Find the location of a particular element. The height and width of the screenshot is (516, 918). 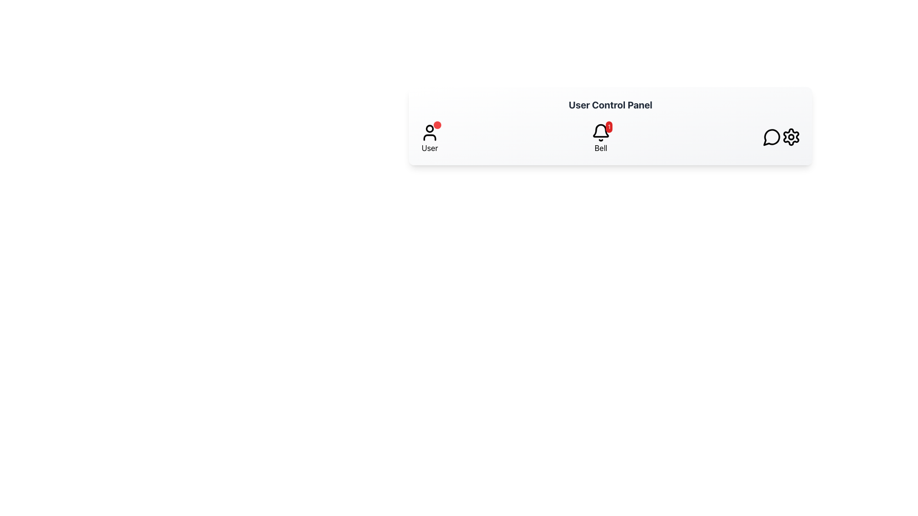

the comment button located as the third interactive icon from the right in the user control panel, positioned to the left of the gear icon and to the right of the bell icon is located at coordinates (772, 137).